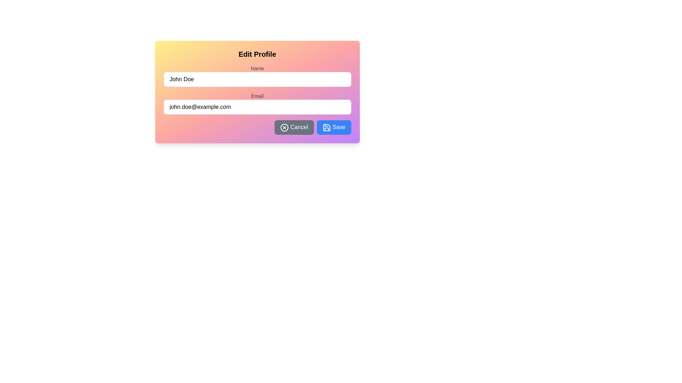 Image resolution: width=682 pixels, height=383 pixels. Describe the element at coordinates (294, 127) in the screenshot. I see `keyboard navigation` at that location.